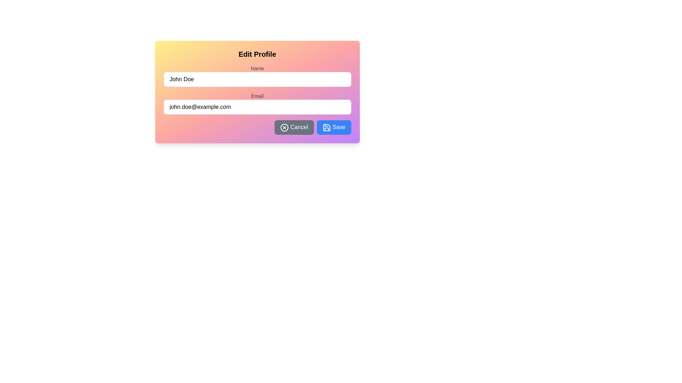 Image resolution: width=682 pixels, height=383 pixels. Describe the element at coordinates (294, 127) in the screenshot. I see `keyboard navigation` at that location.